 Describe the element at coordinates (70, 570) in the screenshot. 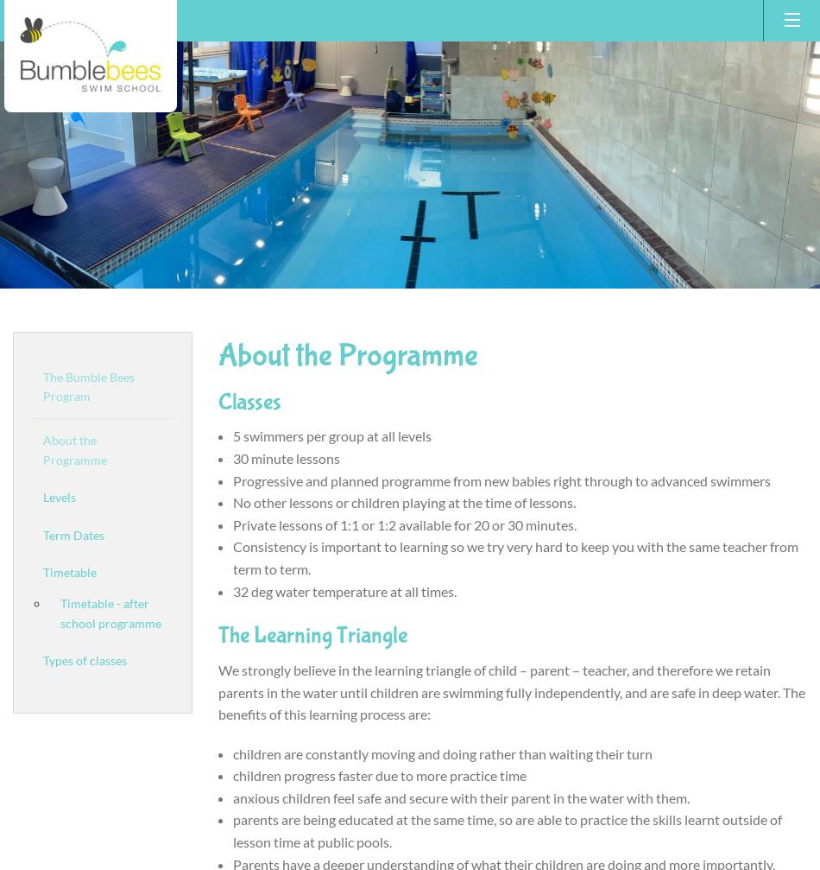

I see `'Timetable'` at that location.